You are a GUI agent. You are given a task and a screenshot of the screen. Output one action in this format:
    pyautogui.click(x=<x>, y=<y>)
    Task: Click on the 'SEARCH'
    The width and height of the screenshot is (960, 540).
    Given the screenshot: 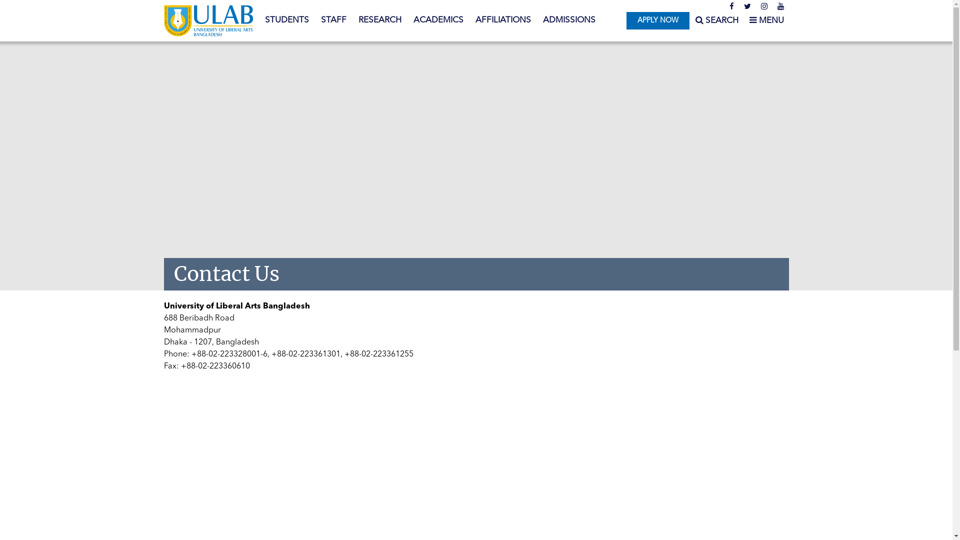 What is the action you would take?
    pyautogui.click(x=716, y=20)
    